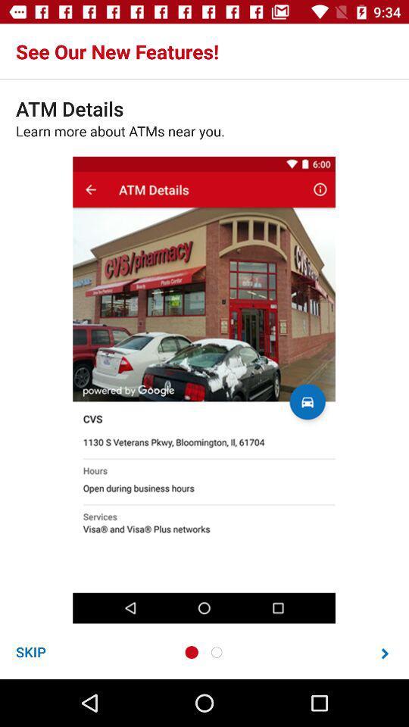  I want to click on the arrow_forward icon, so click(385, 652).